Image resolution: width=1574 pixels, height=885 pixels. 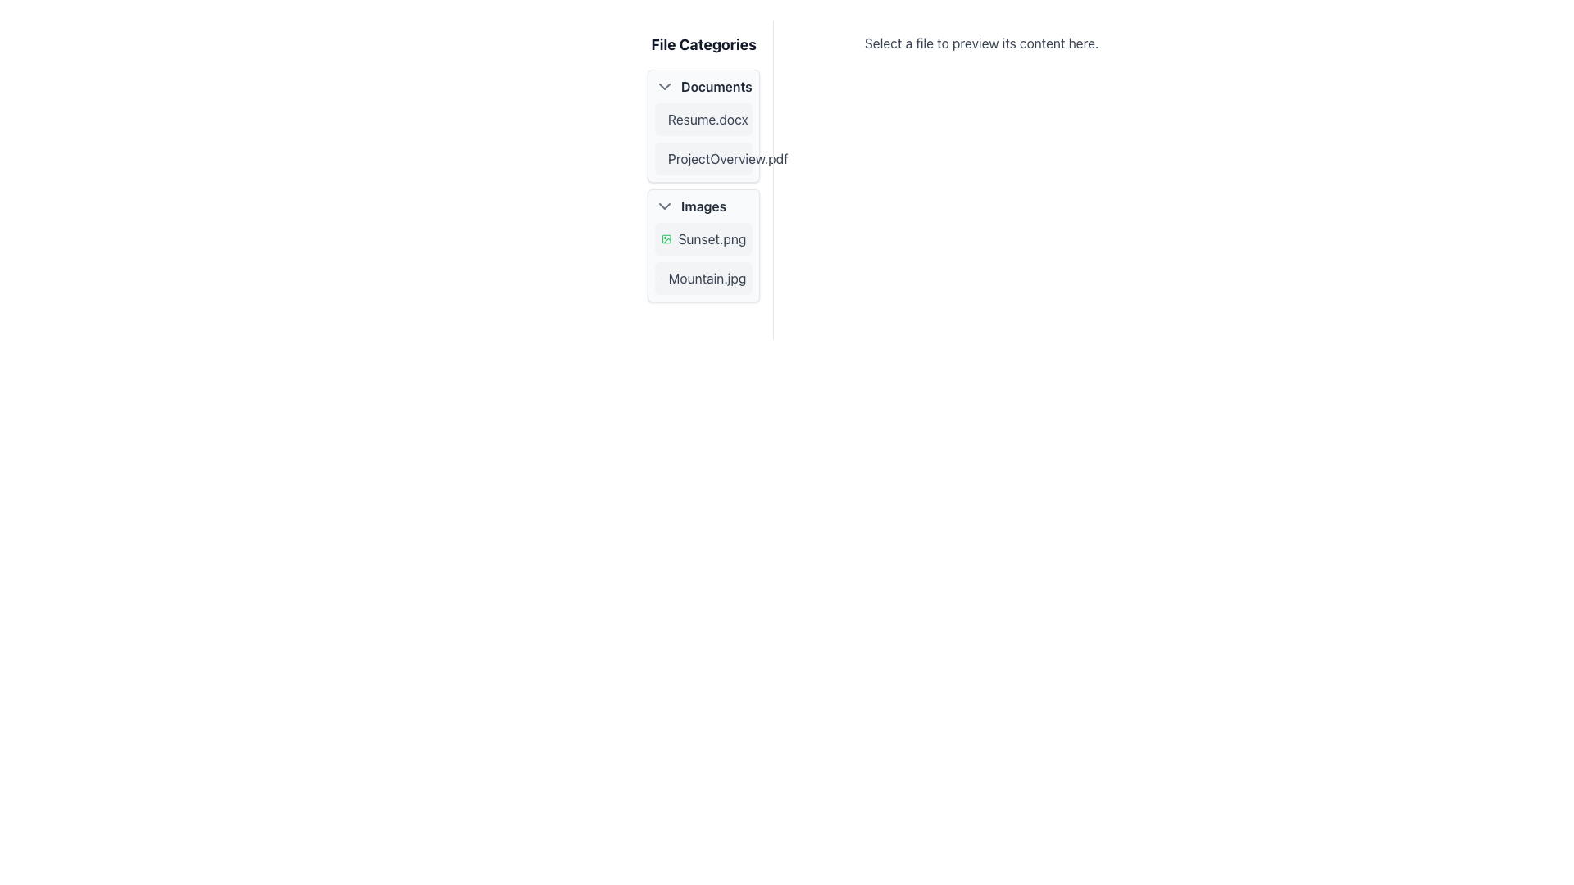 What do you see at coordinates (707, 119) in the screenshot?
I see `the text label displaying the file name 'Resume.docx'` at bounding box center [707, 119].